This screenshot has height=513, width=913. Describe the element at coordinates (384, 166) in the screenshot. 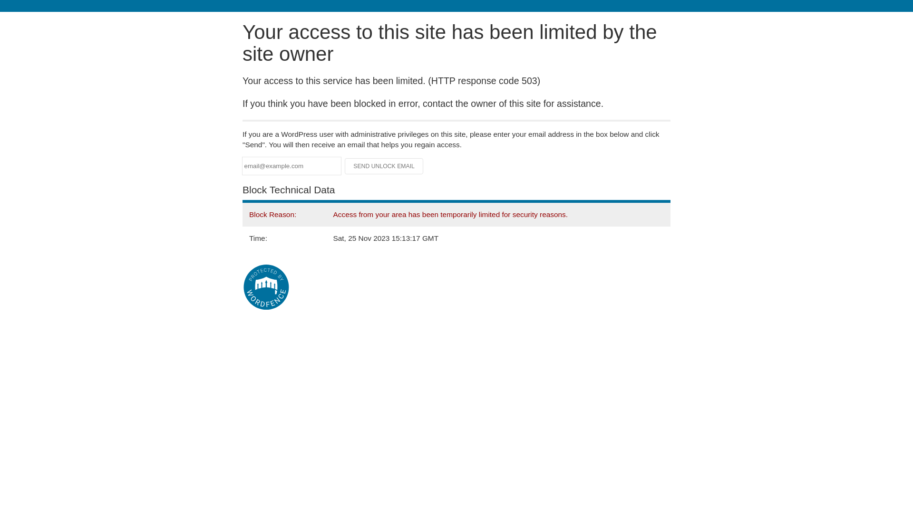

I see `'Send Unlock Email'` at that location.